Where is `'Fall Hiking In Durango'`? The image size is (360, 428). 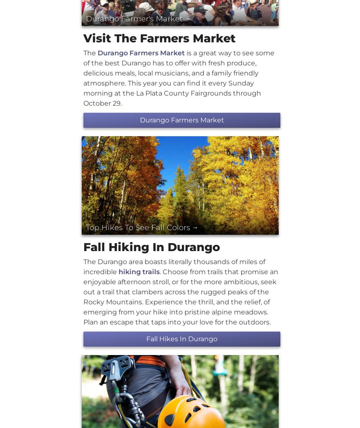
'Fall Hiking In Durango' is located at coordinates (151, 246).